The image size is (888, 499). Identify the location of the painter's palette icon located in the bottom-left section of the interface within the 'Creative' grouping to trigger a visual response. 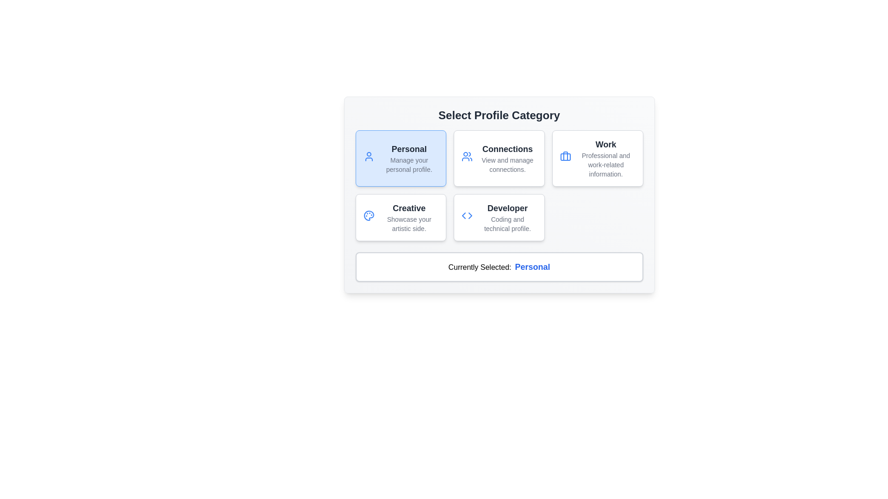
(368, 215).